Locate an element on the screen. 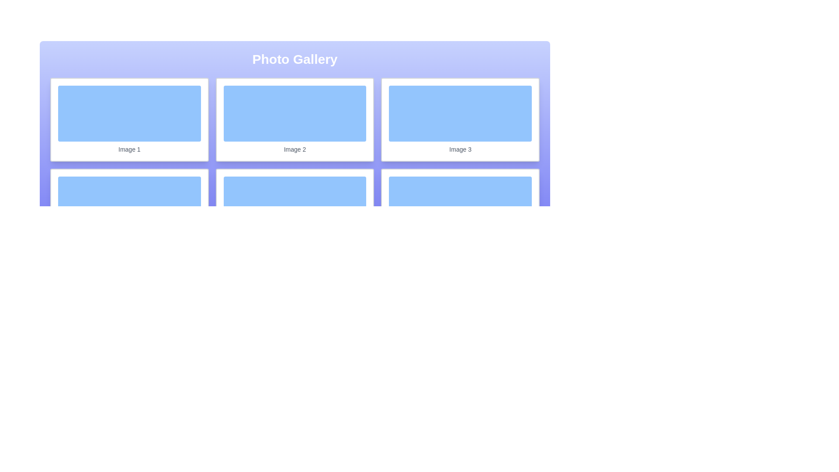  the fifth image widget in the gallery is located at coordinates (295, 211).